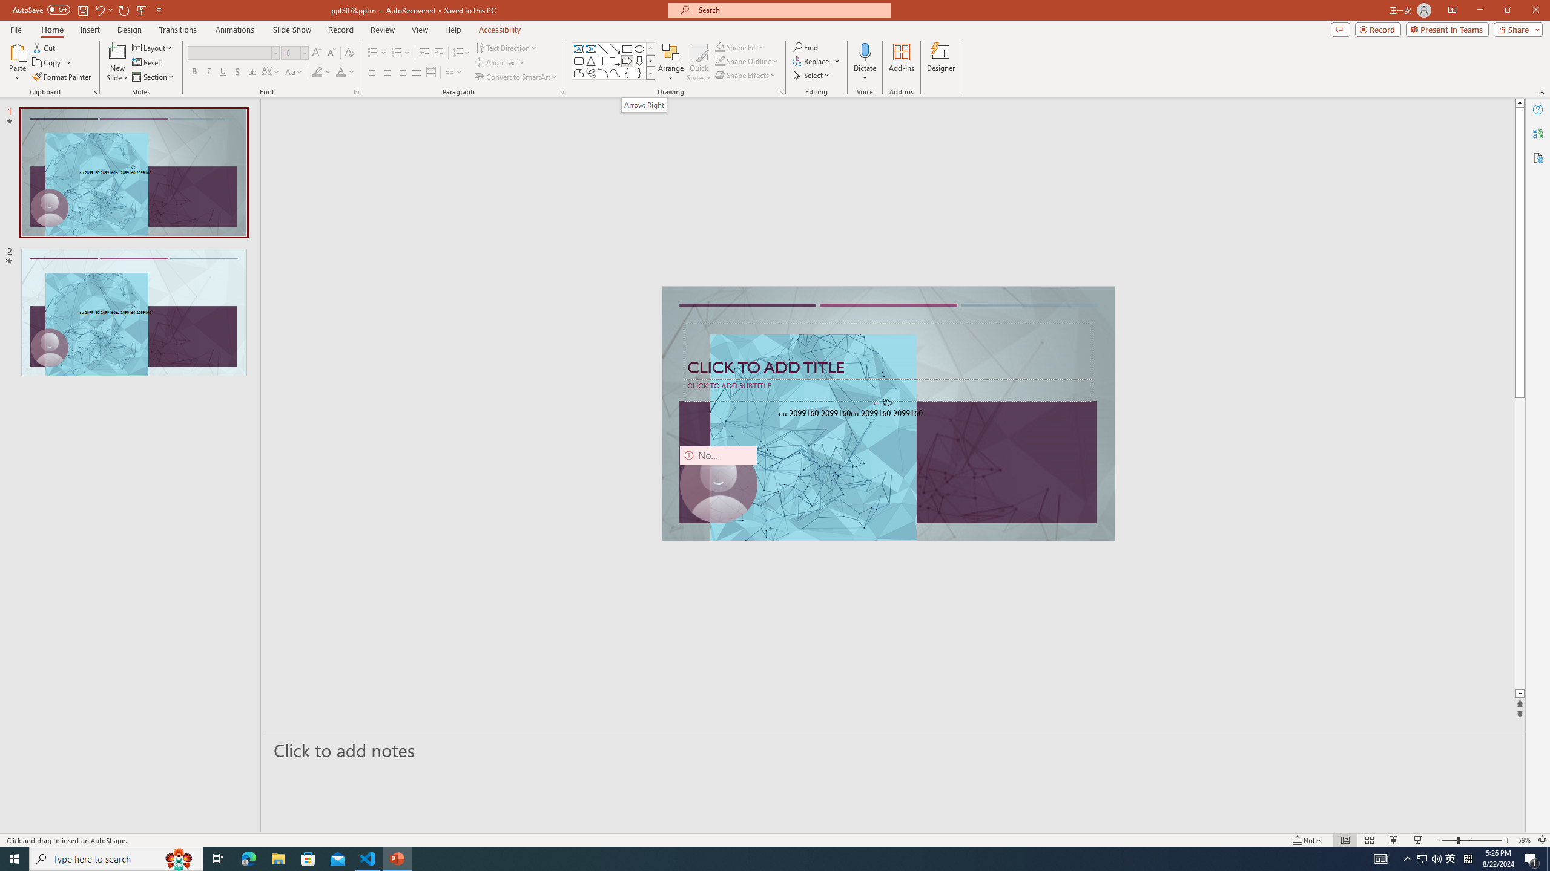 The height and width of the screenshot is (871, 1550). Describe the element at coordinates (578, 60) in the screenshot. I see `'Rectangle: Rounded Corners'` at that location.